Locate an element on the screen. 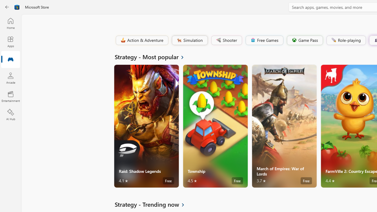  'Shooter' is located at coordinates (226, 40).